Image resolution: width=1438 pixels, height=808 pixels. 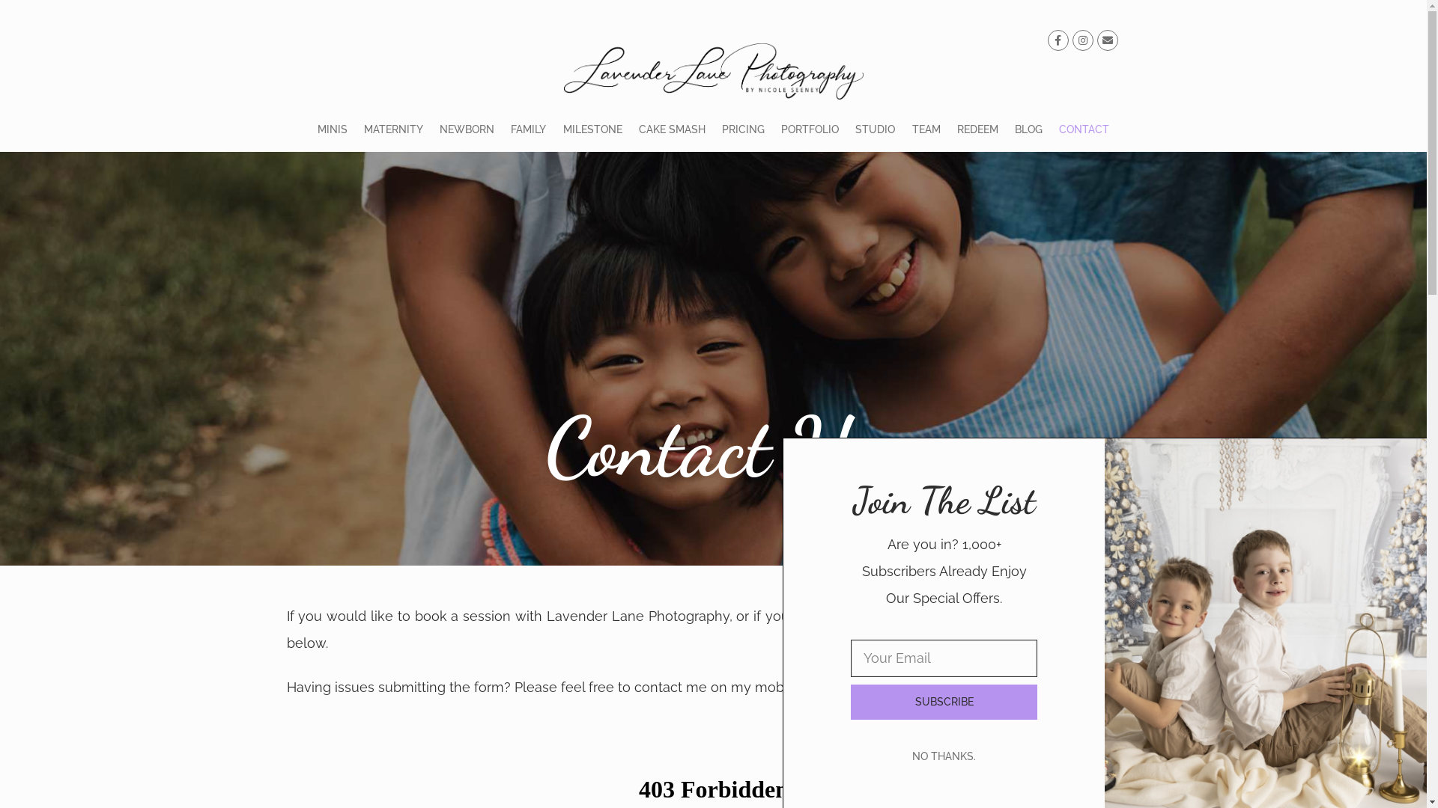 What do you see at coordinates (875, 129) in the screenshot?
I see `'STUDIO'` at bounding box center [875, 129].